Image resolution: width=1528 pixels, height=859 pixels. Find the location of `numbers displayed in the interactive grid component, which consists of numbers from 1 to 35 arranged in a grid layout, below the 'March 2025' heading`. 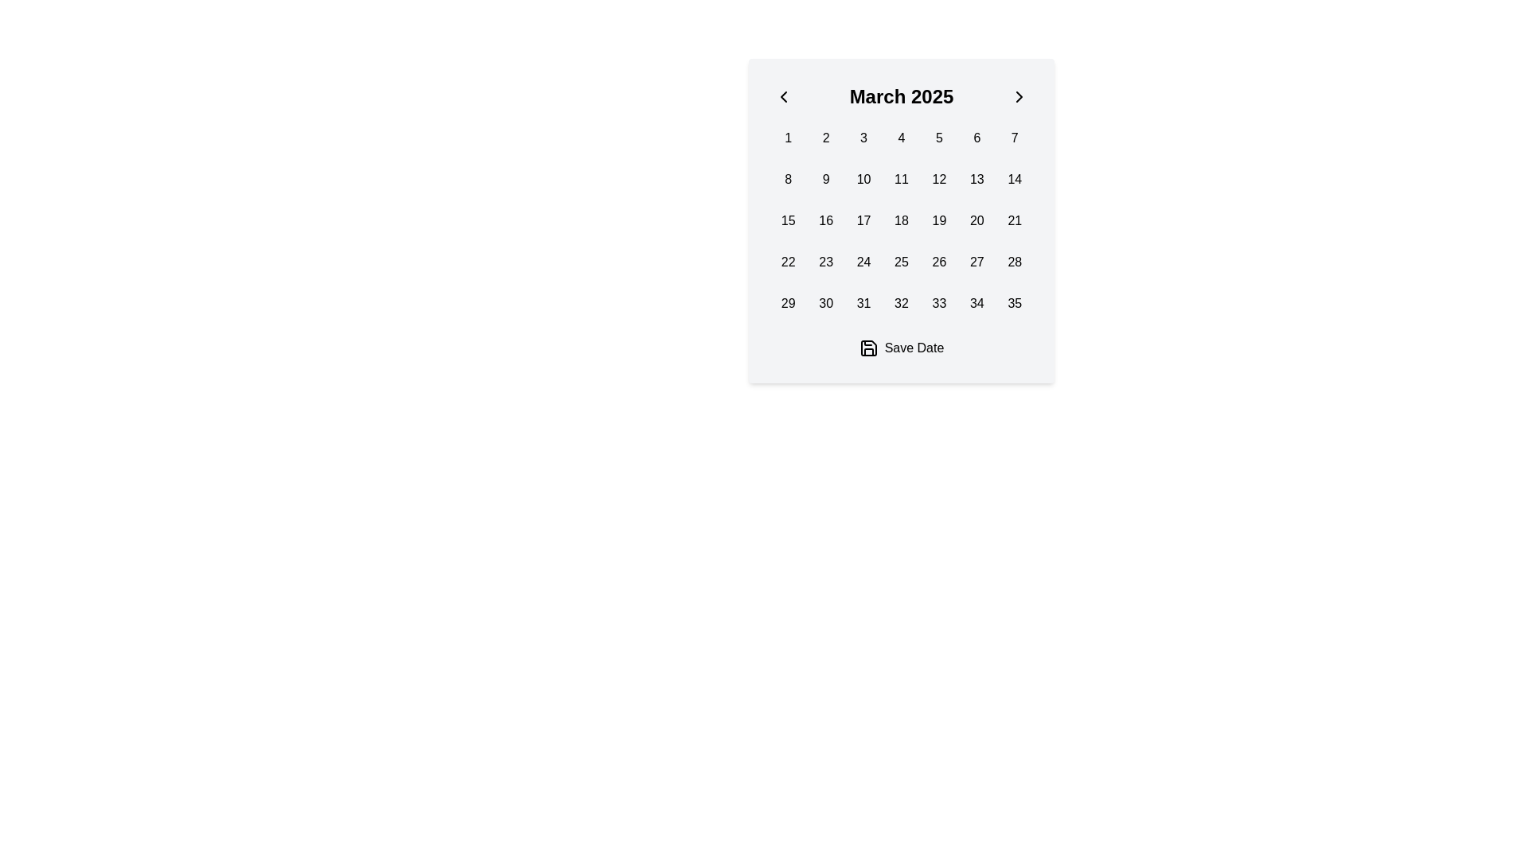

numbers displayed in the interactive grid component, which consists of numbers from 1 to 35 arranged in a grid layout, below the 'March 2025' heading is located at coordinates (901, 220).